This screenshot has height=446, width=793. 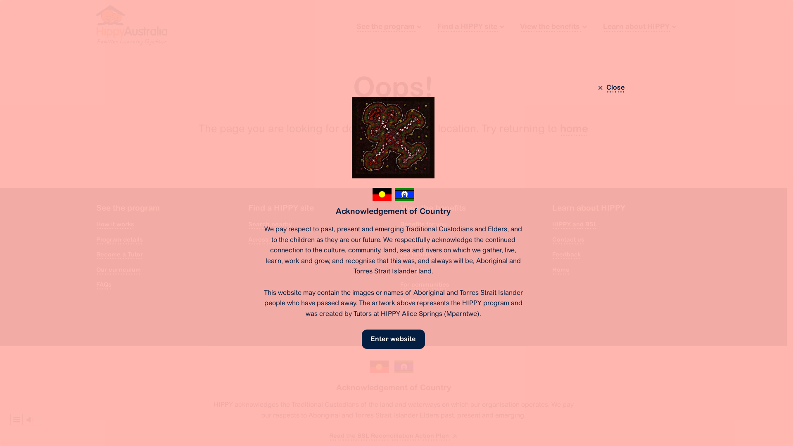 I want to click on 'Contact us', so click(x=567, y=239).